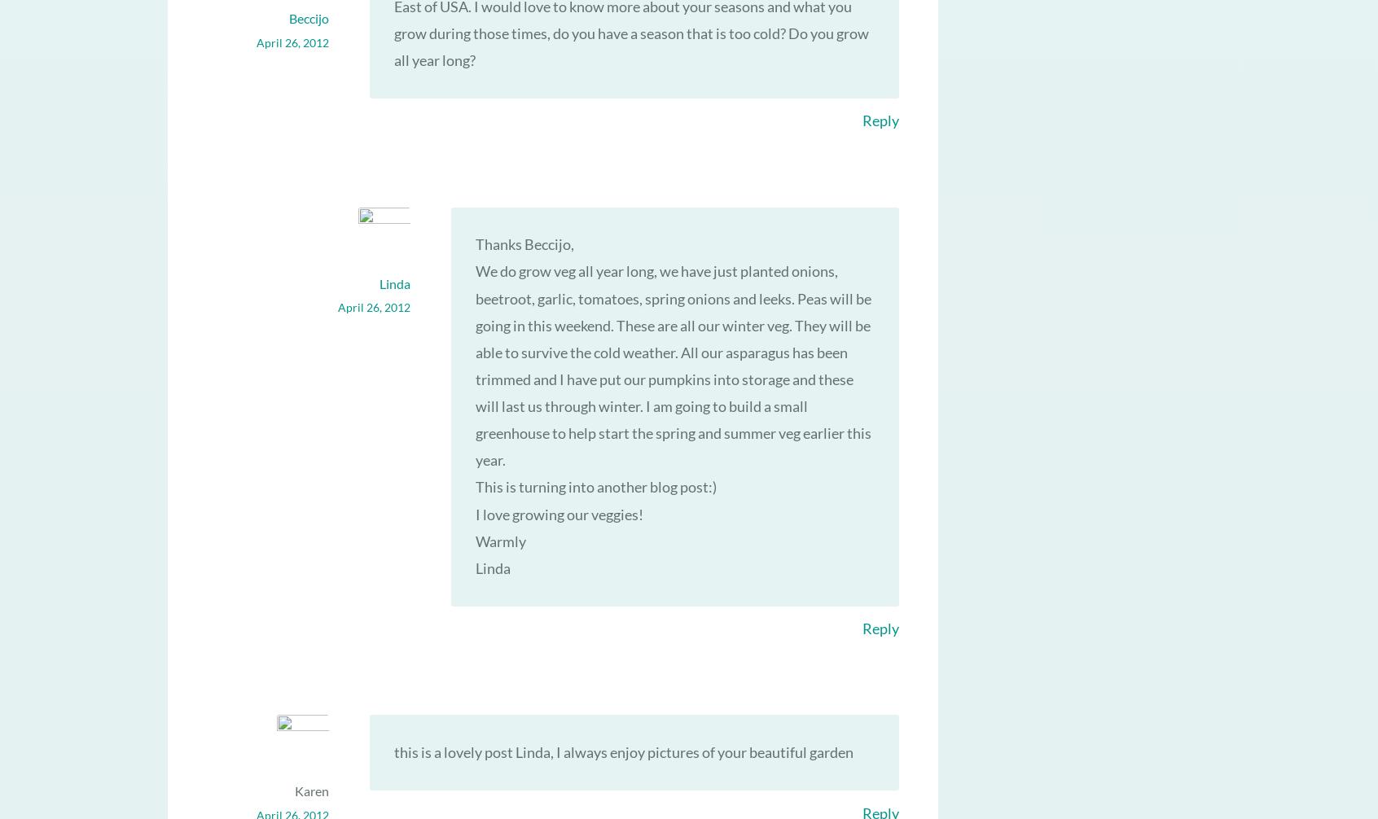  Describe the element at coordinates (594, 486) in the screenshot. I see `'This is turning into another blog post:)'` at that location.